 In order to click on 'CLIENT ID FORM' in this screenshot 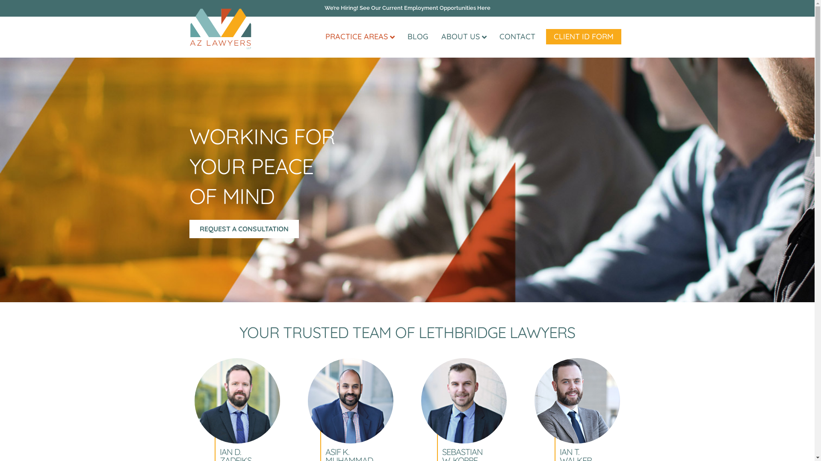, I will do `click(545, 36)`.